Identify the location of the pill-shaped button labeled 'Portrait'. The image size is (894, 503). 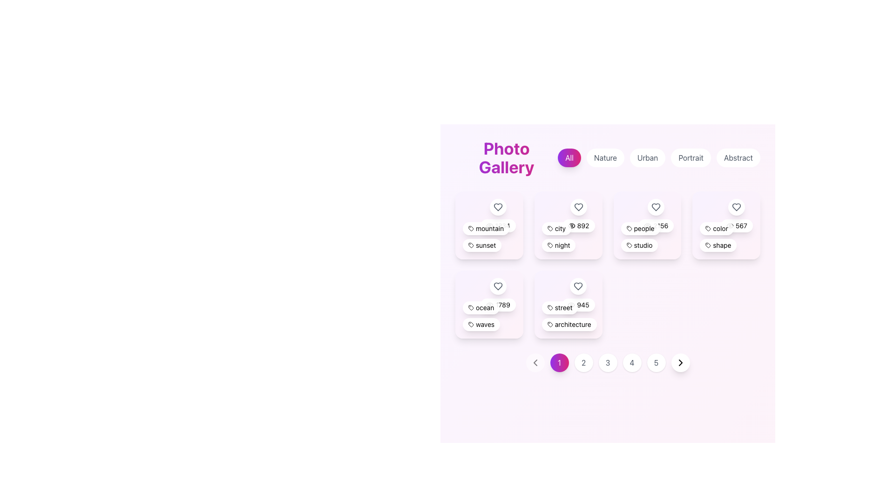
(691, 157).